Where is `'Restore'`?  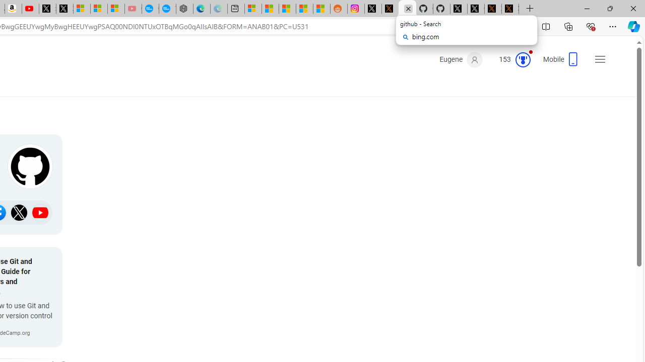
'Restore' is located at coordinates (609, 8).